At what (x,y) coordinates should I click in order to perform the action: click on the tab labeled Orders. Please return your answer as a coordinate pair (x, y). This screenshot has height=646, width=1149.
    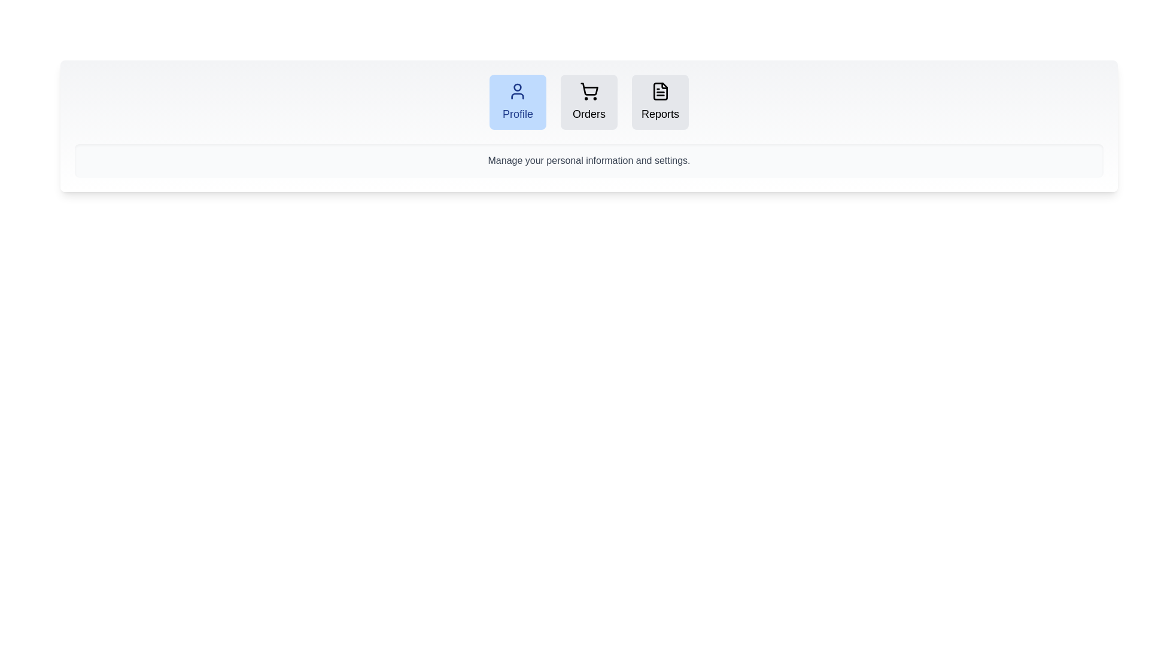
    Looking at the image, I should click on (589, 101).